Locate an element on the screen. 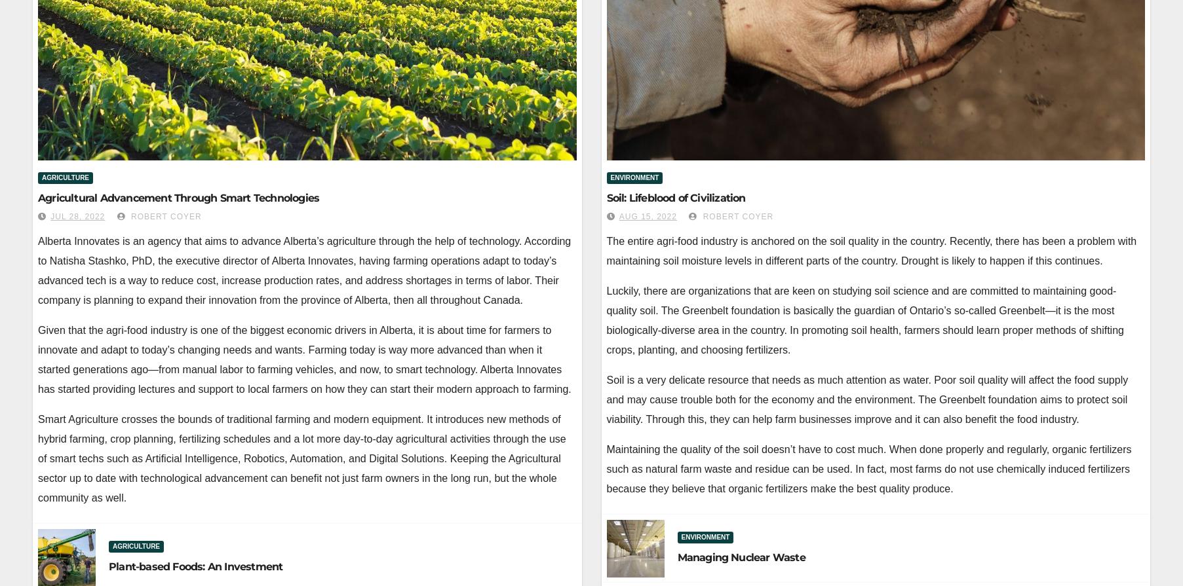  'Jul 28, 2022' is located at coordinates (77, 216).